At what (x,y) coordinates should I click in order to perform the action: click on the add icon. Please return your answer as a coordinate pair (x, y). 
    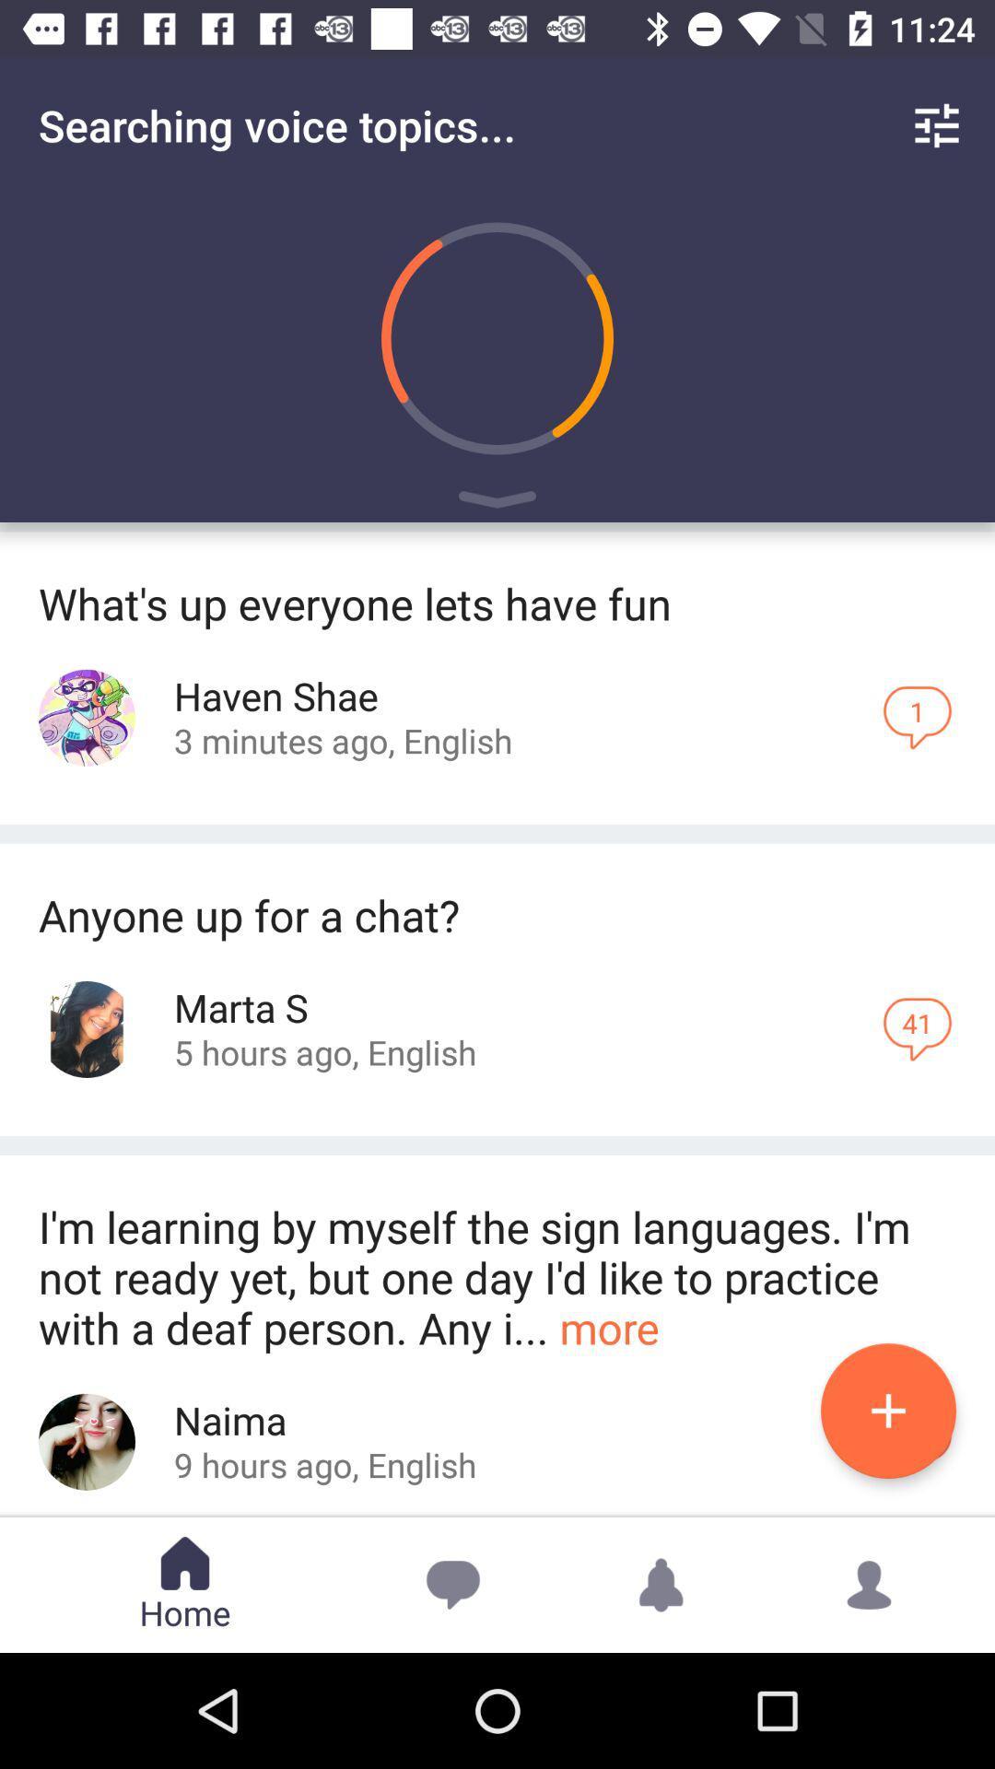
    Looking at the image, I should click on (887, 1410).